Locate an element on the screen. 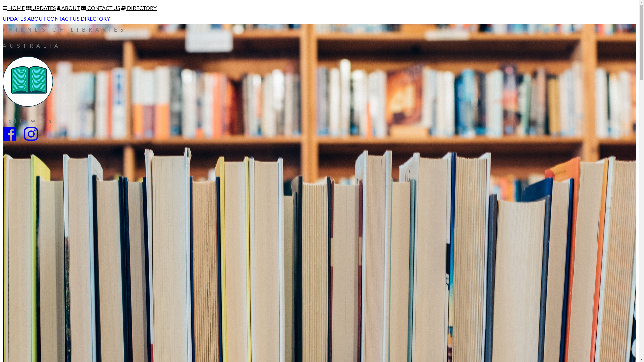 The image size is (644, 362). 'DIRECTORY' is located at coordinates (121, 8).